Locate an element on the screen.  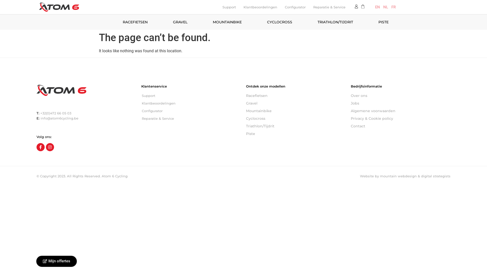
'Contact' is located at coordinates (350, 126).